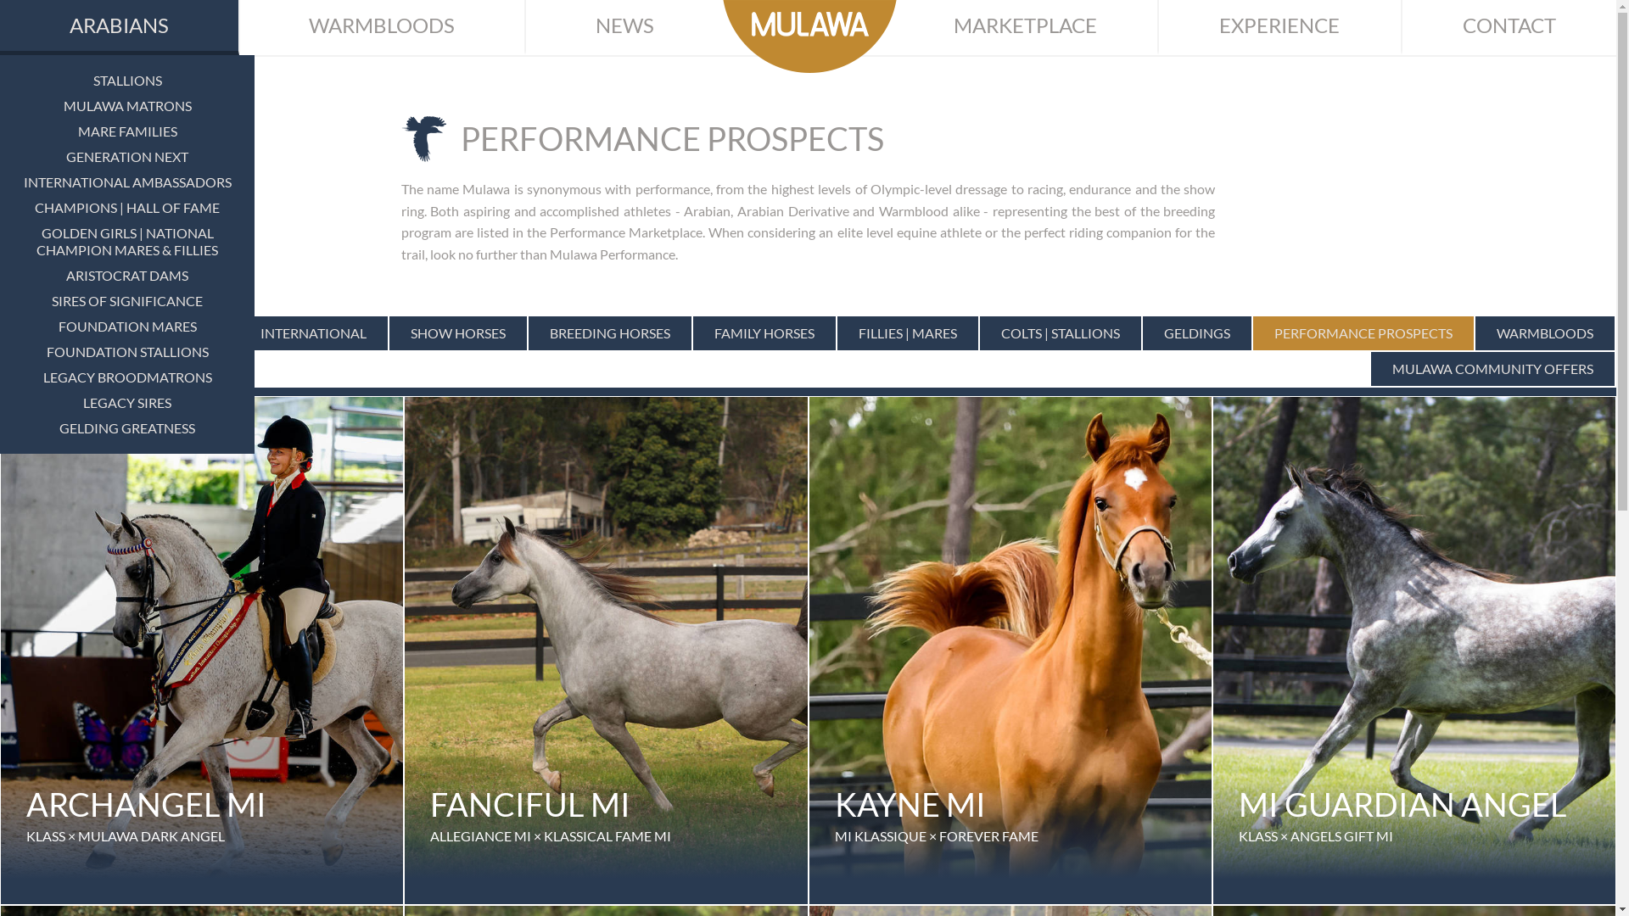 The image size is (1629, 916). I want to click on 'LEGACY BROODMATRONS', so click(126, 376).